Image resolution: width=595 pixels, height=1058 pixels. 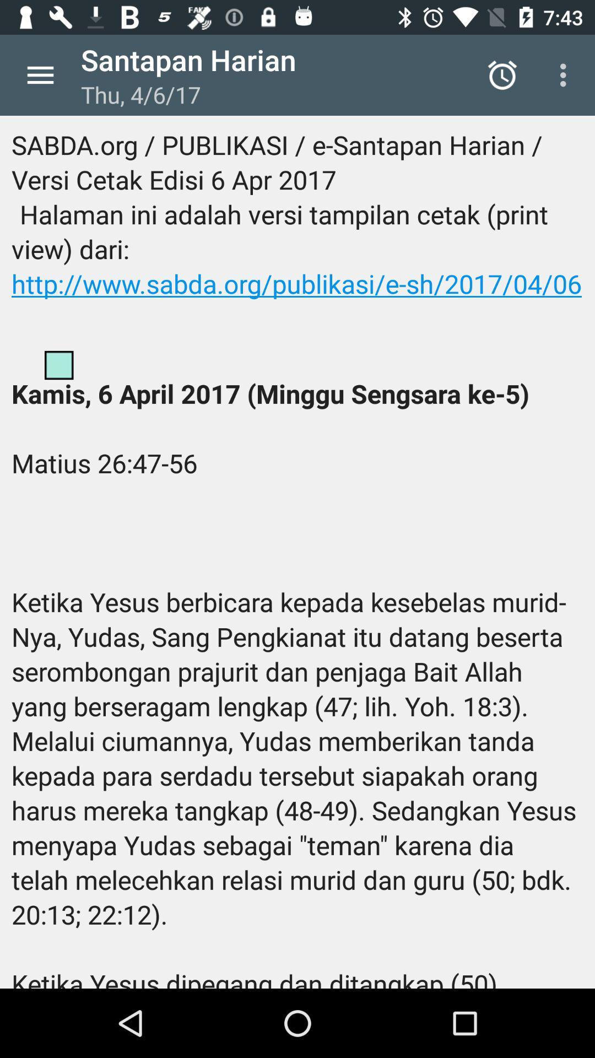 I want to click on sabda org publikasi at the center, so click(x=297, y=552).